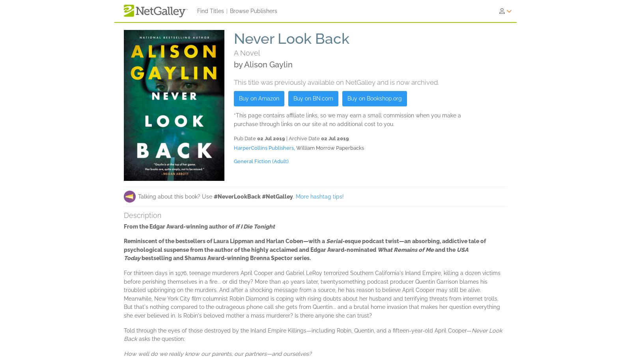 This screenshot has height=357, width=631. What do you see at coordinates (153, 81) in the screenshot?
I see `'Available Editions'` at bounding box center [153, 81].